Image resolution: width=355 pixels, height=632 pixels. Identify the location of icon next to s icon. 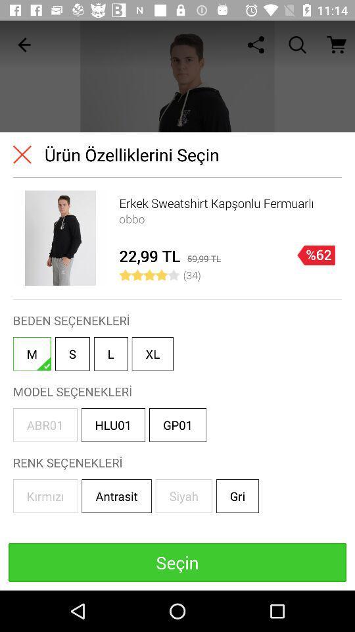
(110, 353).